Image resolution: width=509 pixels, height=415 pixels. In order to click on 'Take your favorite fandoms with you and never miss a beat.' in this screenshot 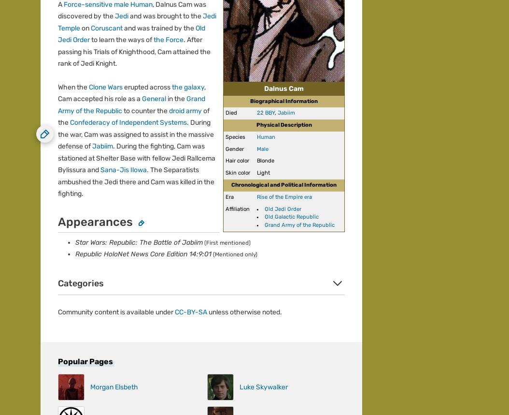, I will do `click(131, 182)`.